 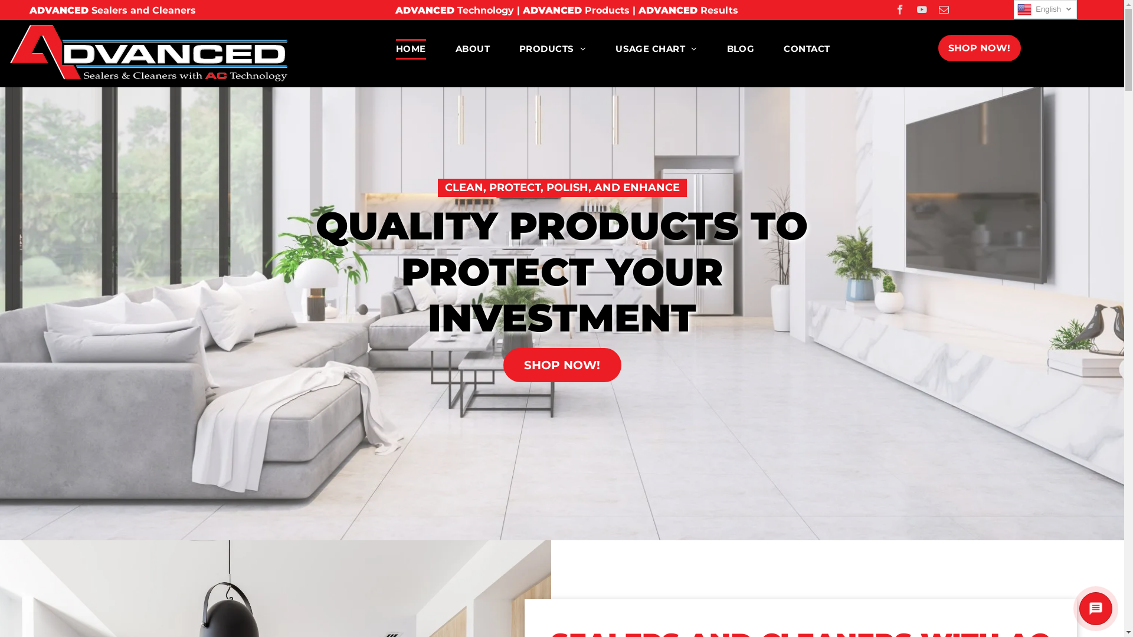 What do you see at coordinates (711, 48) in the screenshot?
I see `'BLOG'` at bounding box center [711, 48].